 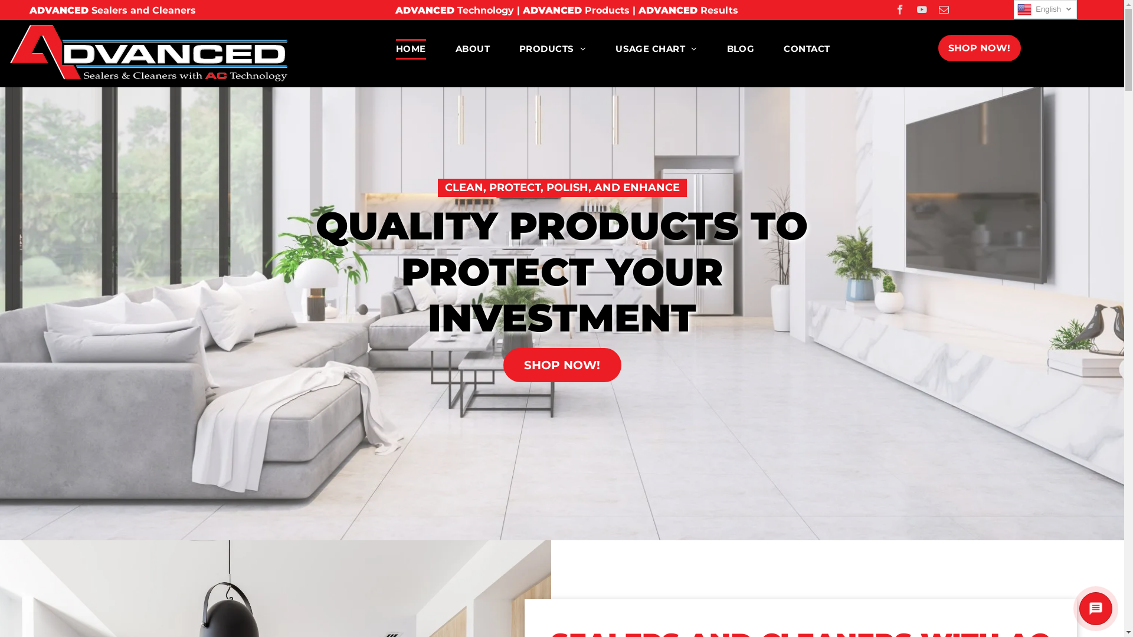 What do you see at coordinates (711, 48) in the screenshot?
I see `'BLOG'` at bounding box center [711, 48].